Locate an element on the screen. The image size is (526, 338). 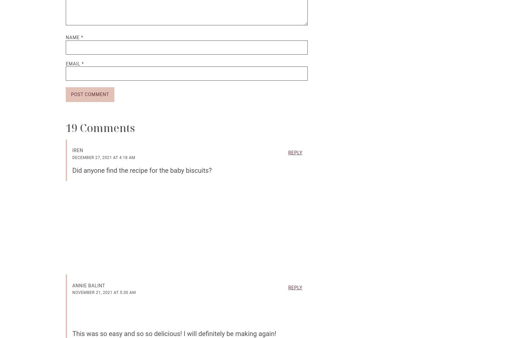
'December 27, 2021 at 4:18 am' is located at coordinates (104, 157).